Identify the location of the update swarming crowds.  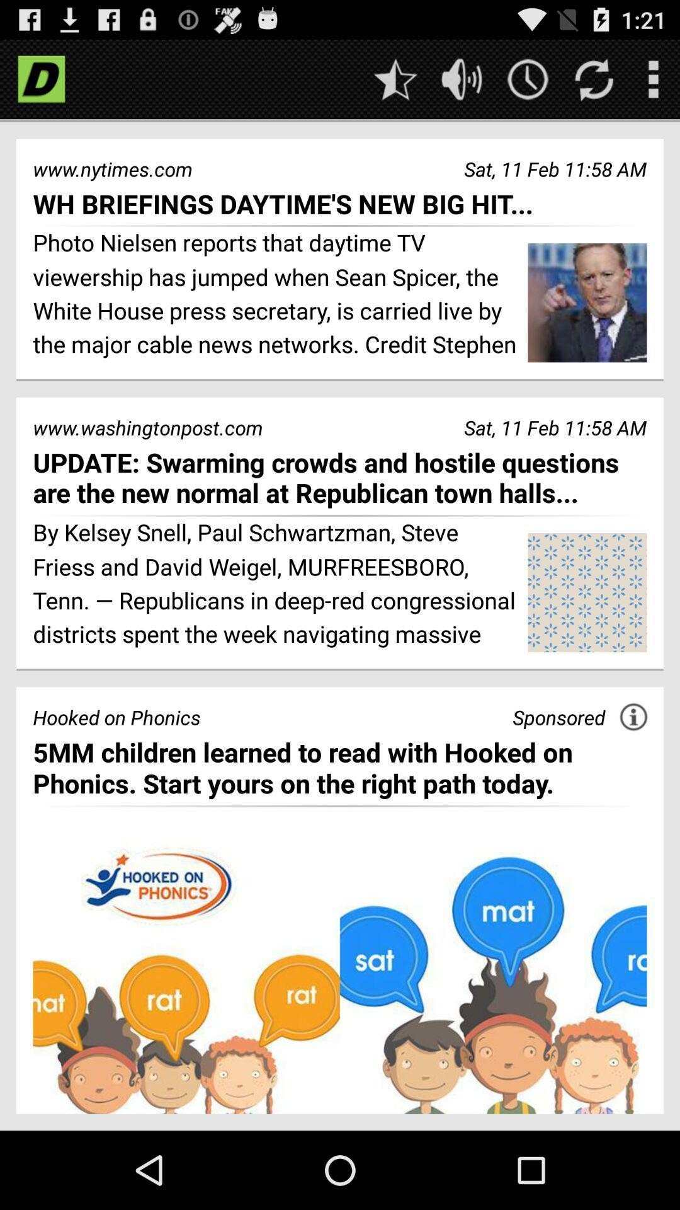
(340, 477).